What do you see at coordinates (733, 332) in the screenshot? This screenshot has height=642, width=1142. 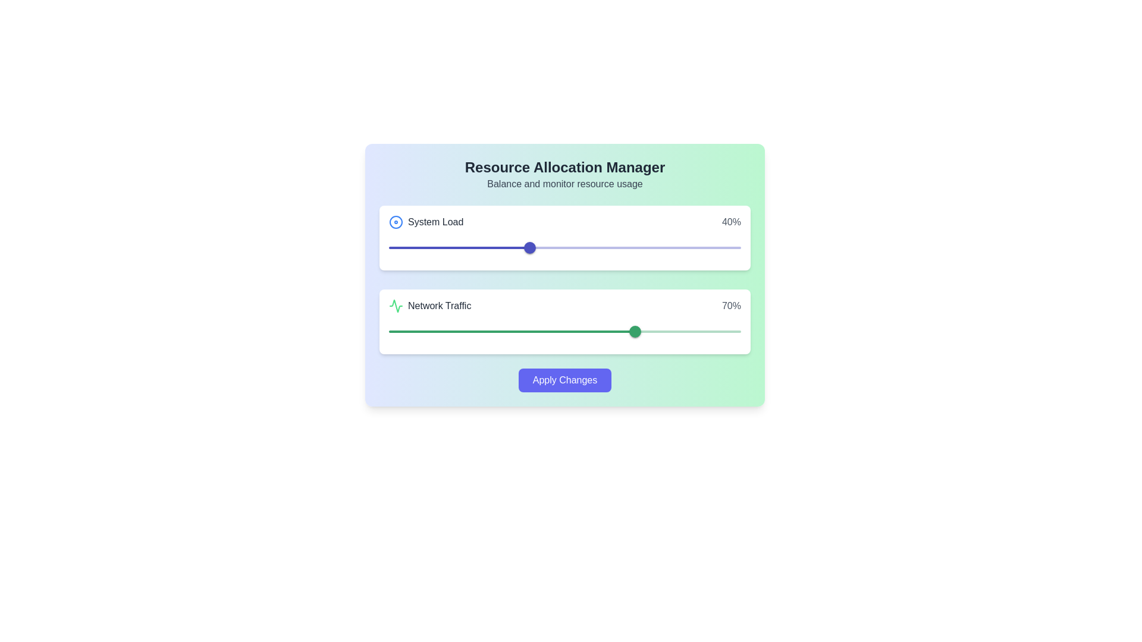 I see `the slider value` at bounding box center [733, 332].